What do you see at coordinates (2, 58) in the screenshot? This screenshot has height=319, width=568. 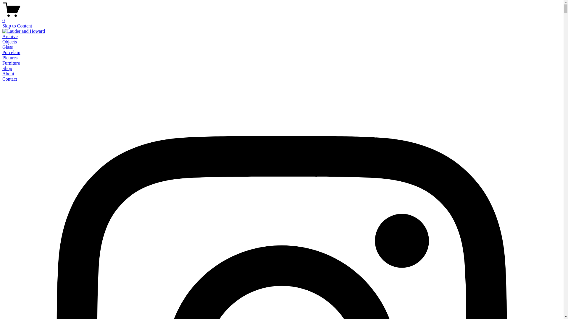 I see `'Pictures'` at bounding box center [2, 58].